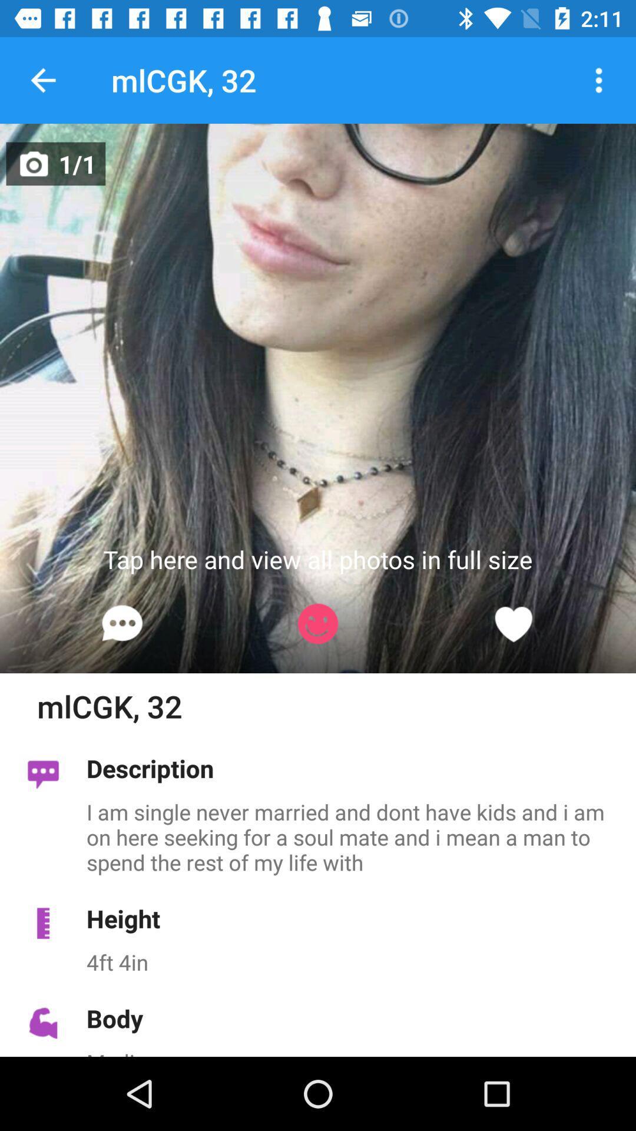 Image resolution: width=636 pixels, height=1131 pixels. What do you see at coordinates (354, 836) in the screenshot?
I see `the icon above height` at bounding box center [354, 836].